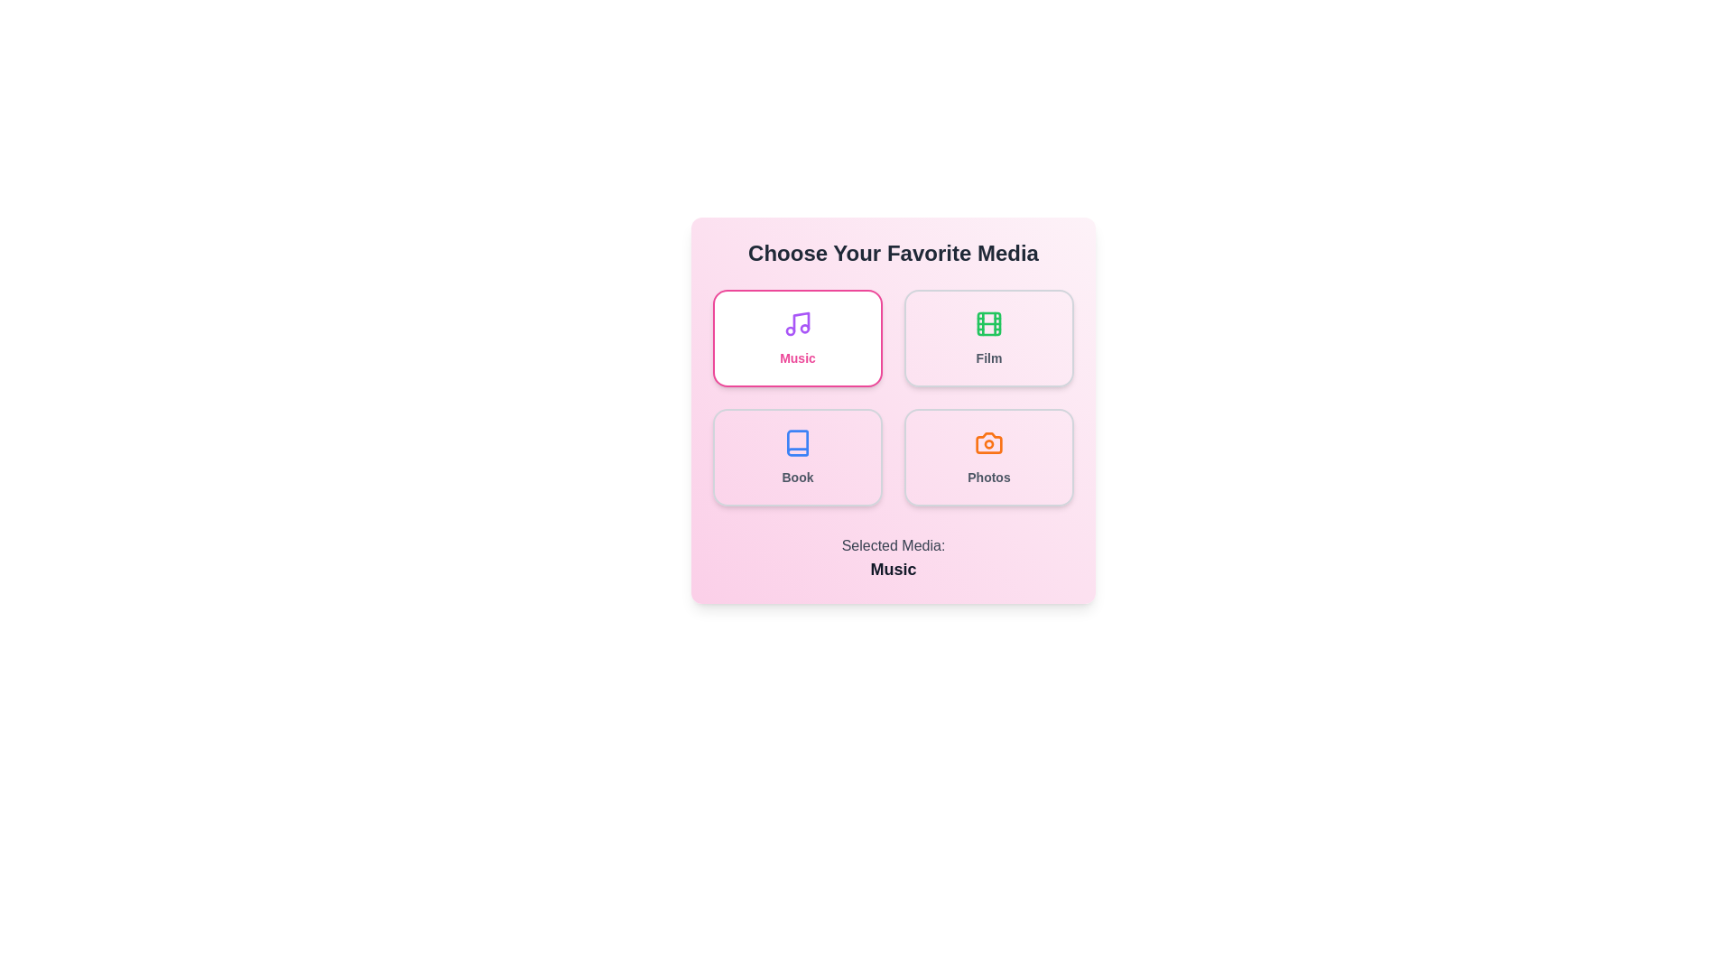 This screenshot has width=1733, height=975. I want to click on the media type Music by clicking its respective button, so click(796, 338).